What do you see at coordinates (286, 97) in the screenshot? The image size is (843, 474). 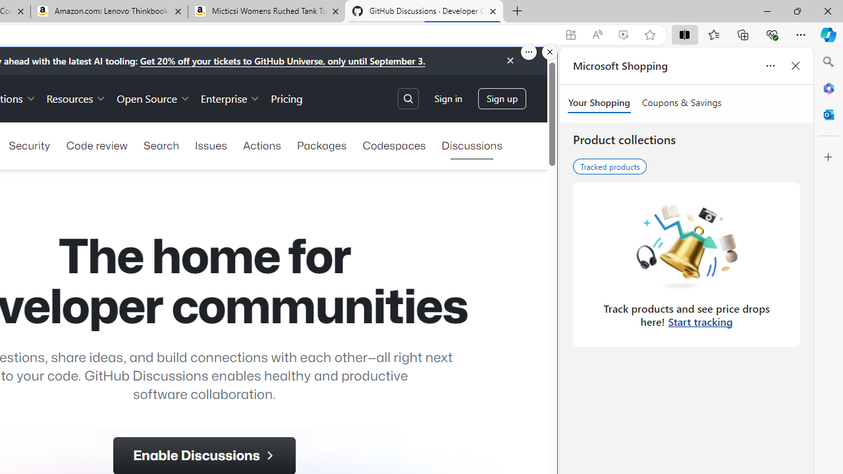 I see `'Pricing'` at bounding box center [286, 97].